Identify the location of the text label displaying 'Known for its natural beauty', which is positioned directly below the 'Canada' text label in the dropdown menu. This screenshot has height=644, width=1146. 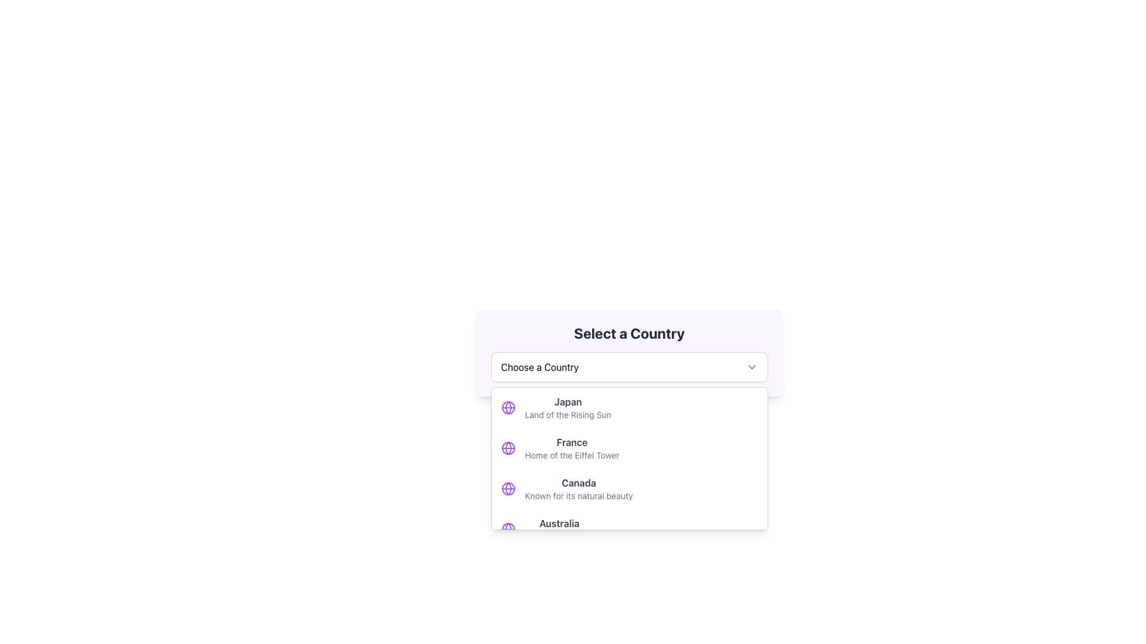
(578, 496).